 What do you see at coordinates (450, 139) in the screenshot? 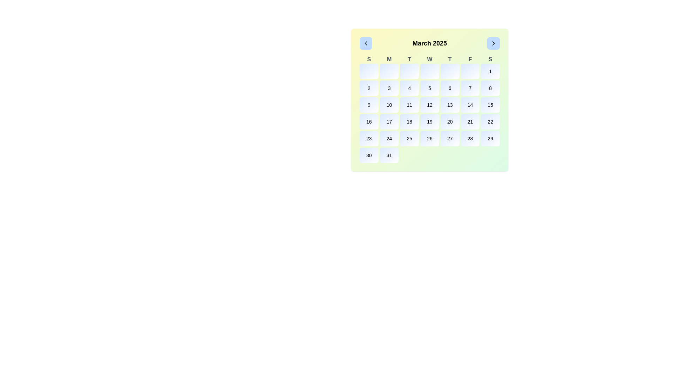
I see `the button representing the date '27' in the calendar for March 2025` at bounding box center [450, 139].